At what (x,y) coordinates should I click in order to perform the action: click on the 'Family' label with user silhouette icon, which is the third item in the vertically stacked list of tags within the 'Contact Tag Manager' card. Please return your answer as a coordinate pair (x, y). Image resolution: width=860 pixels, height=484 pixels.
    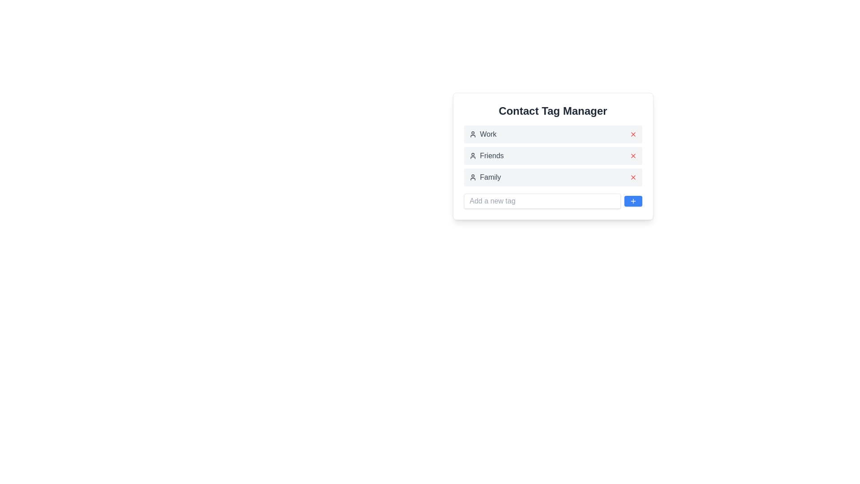
    Looking at the image, I should click on (485, 177).